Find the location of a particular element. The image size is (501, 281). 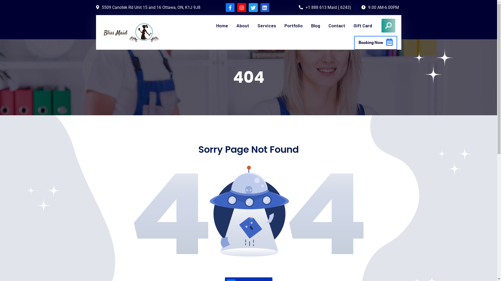

'Contact' is located at coordinates (337, 25).